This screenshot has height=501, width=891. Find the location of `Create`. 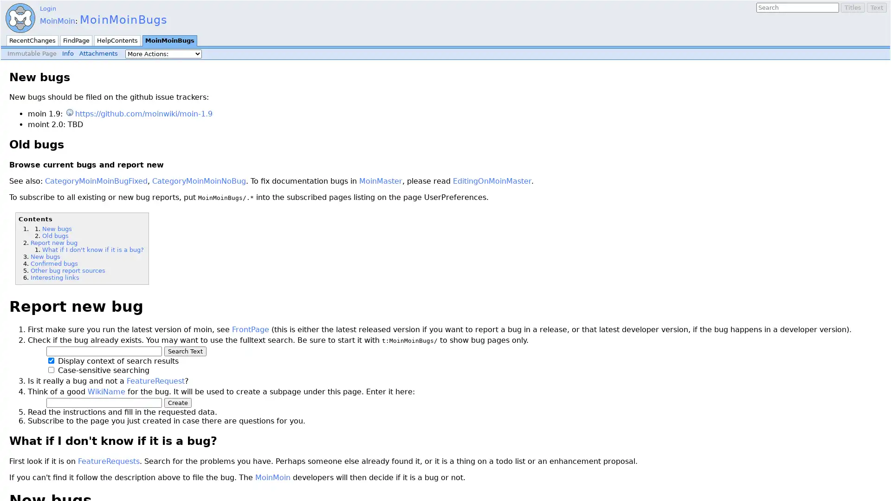

Create is located at coordinates (178, 402).